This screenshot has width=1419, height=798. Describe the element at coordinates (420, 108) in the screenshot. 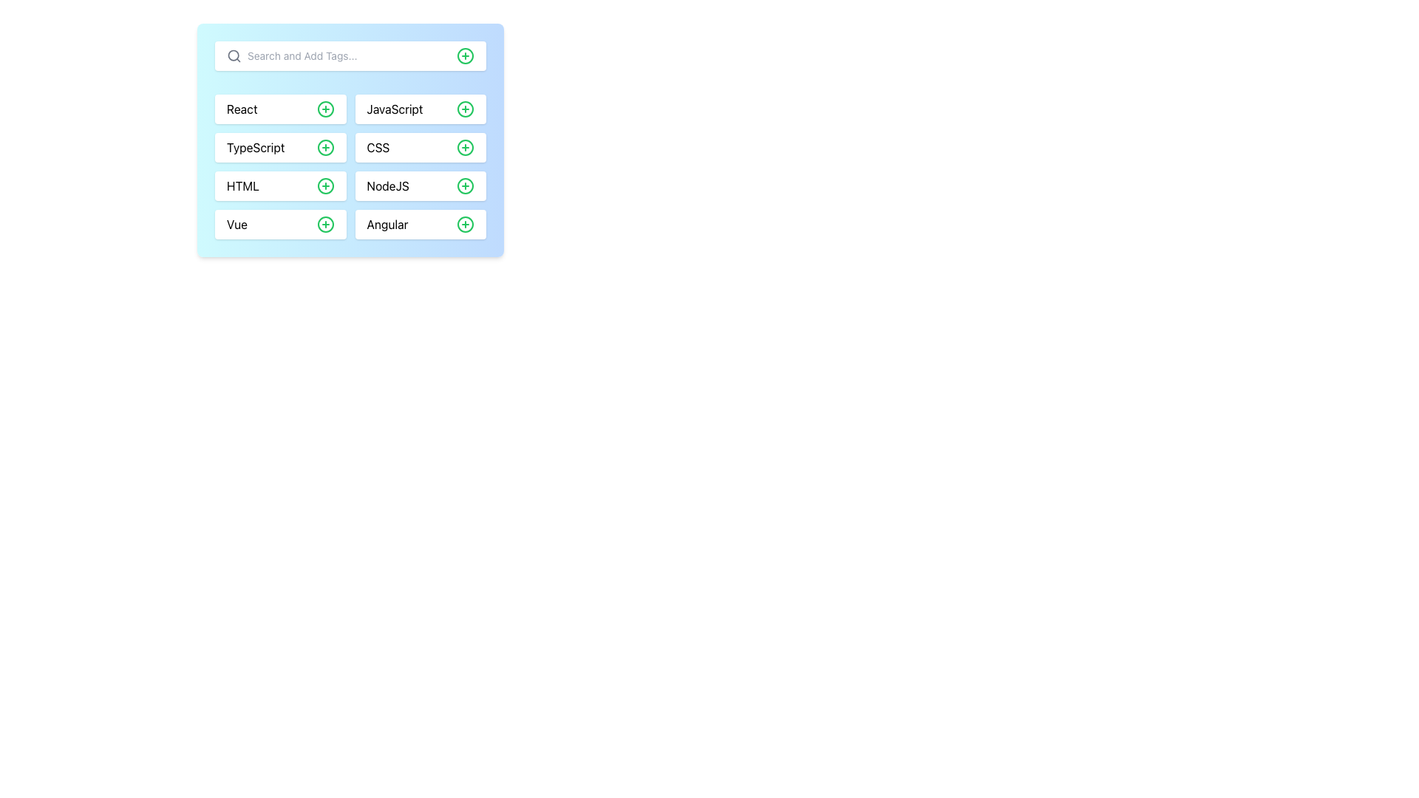

I see `the "JavaScript" button` at that location.